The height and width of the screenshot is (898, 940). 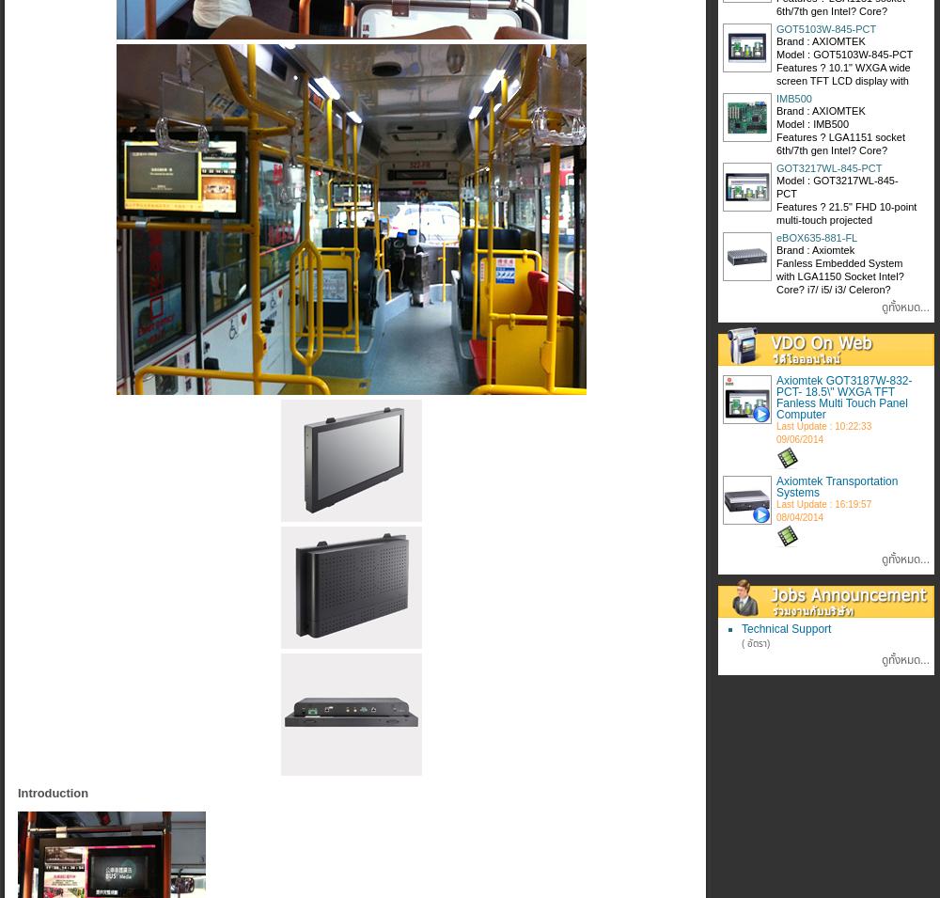 What do you see at coordinates (823, 297) in the screenshot?
I see `'Last Update : 16:07:15 19/04/2017'` at bounding box center [823, 297].